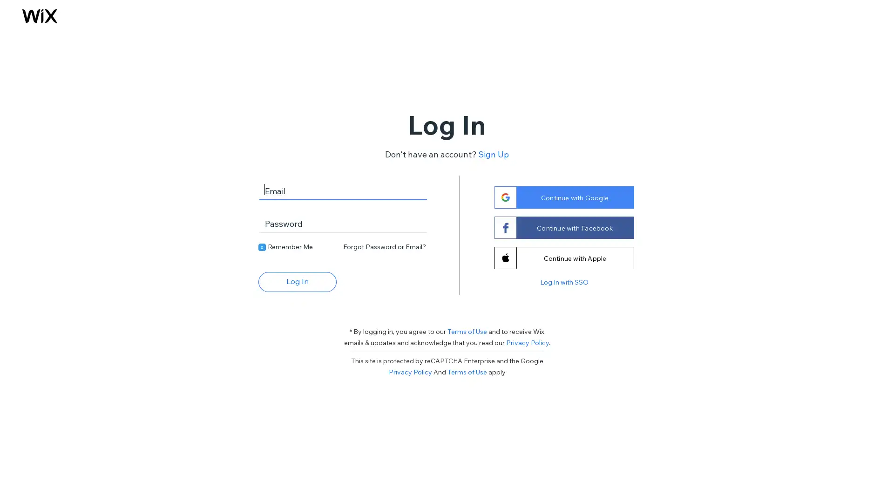 This screenshot has height=503, width=894. I want to click on Log In, so click(297, 281).